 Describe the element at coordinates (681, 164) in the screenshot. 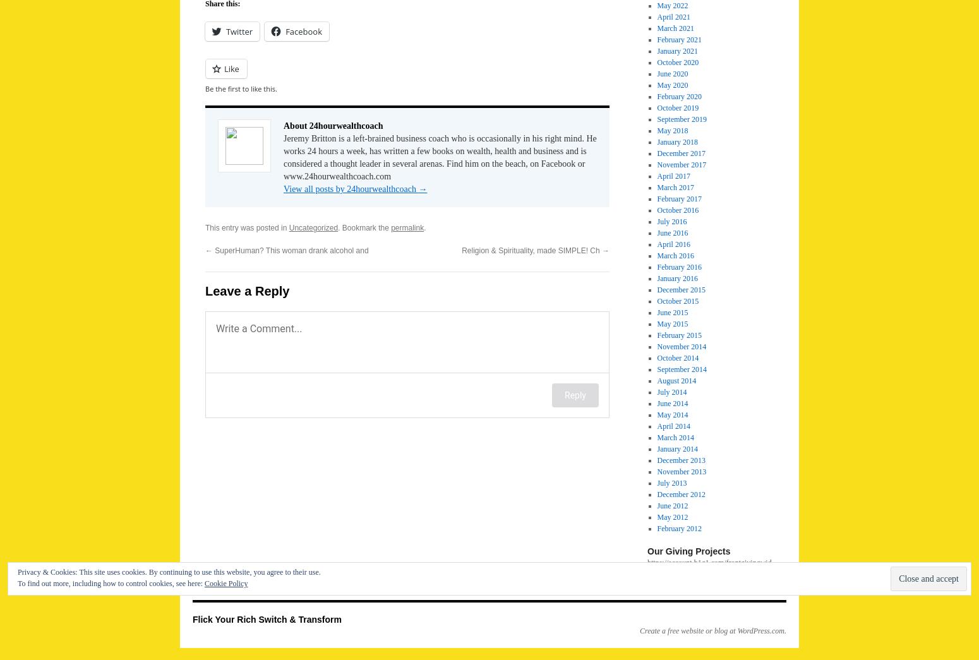

I see `'November 2017'` at that location.